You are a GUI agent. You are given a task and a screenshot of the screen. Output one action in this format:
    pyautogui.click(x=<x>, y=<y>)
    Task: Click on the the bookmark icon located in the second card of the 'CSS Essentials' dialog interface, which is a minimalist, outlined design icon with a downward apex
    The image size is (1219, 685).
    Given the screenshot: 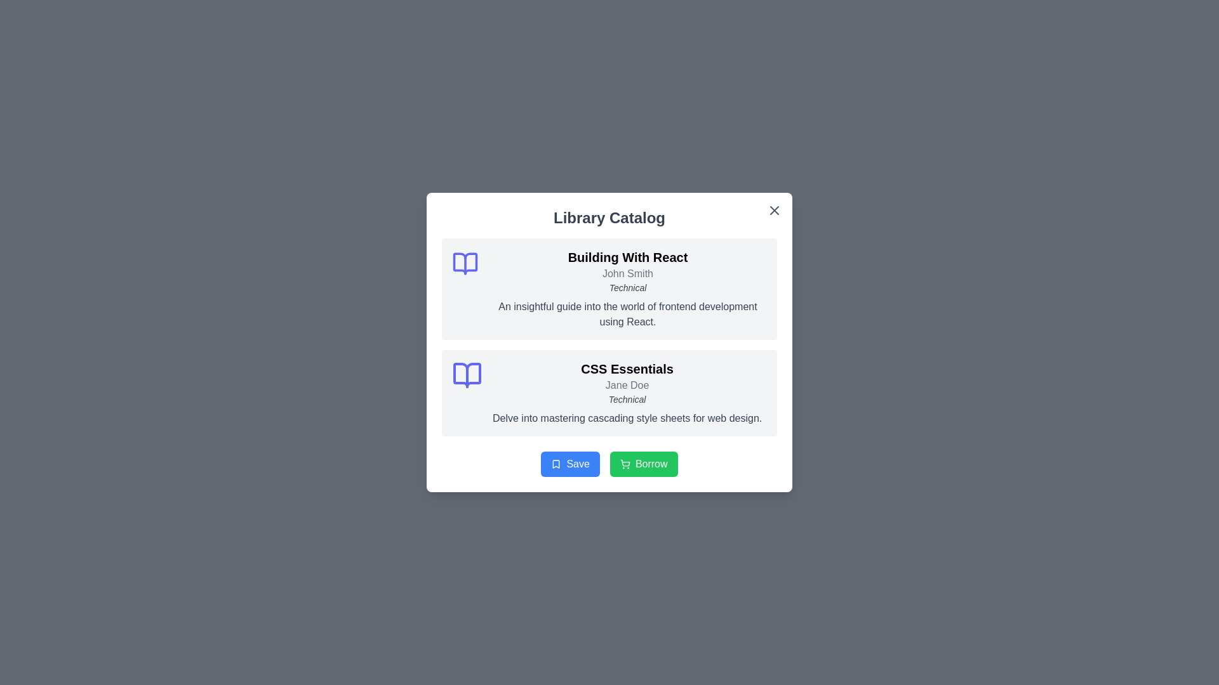 What is the action you would take?
    pyautogui.click(x=556, y=464)
    